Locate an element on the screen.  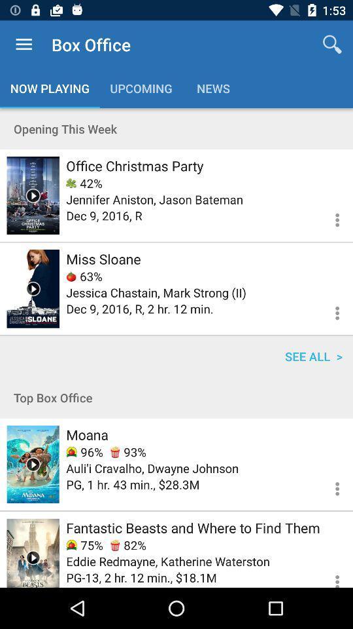
item to the left of box office is located at coordinates (24, 45).